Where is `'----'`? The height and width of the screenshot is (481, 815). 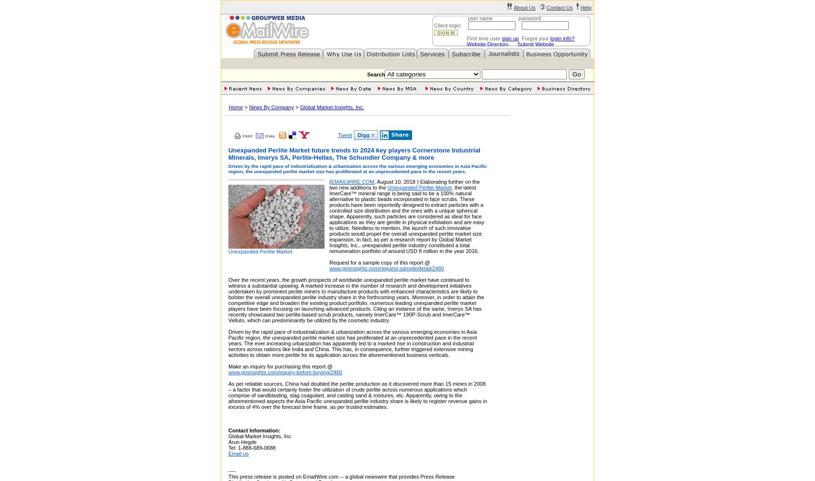
'----' is located at coordinates (231, 470).